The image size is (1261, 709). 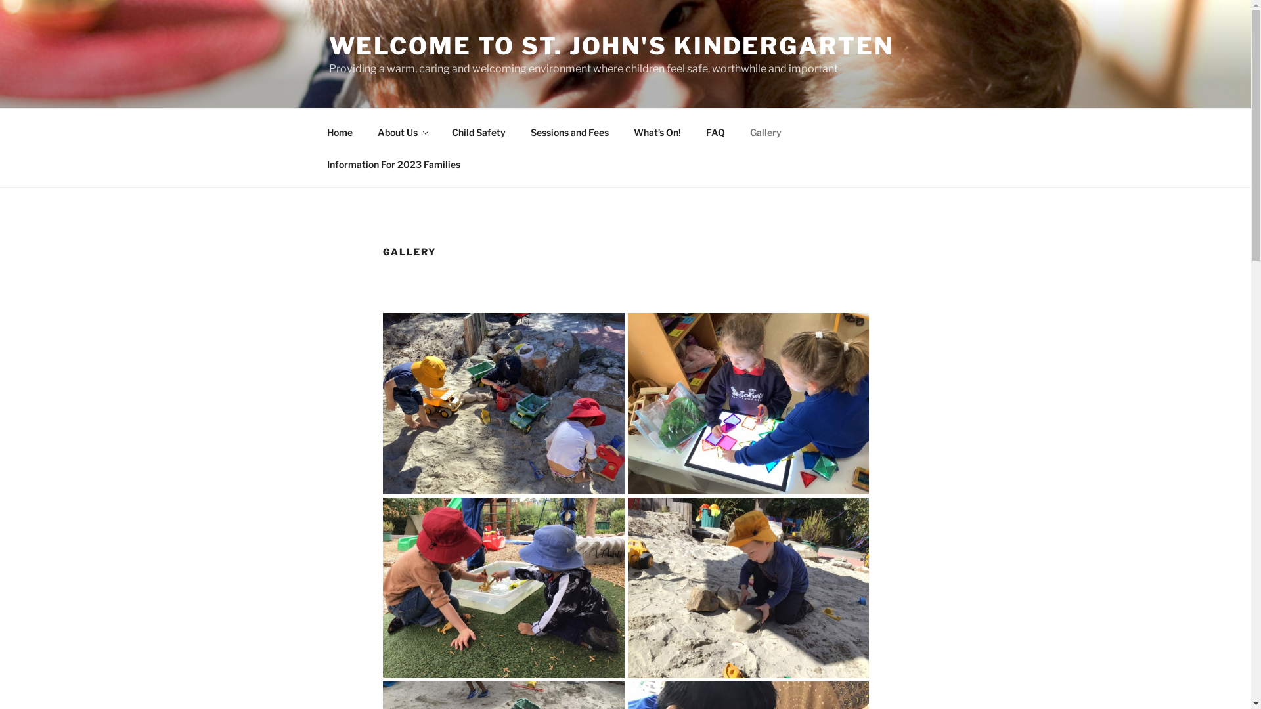 What do you see at coordinates (393, 163) in the screenshot?
I see `'Information For 2023 Families'` at bounding box center [393, 163].